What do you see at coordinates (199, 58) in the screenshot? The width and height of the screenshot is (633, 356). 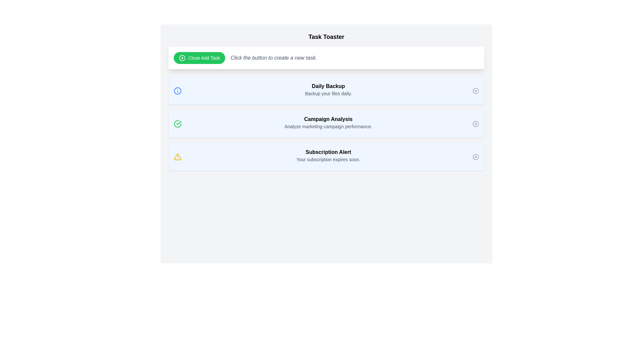 I see `the green button labeled 'Close Add Task' with a plus icon` at bounding box center [199, 58].